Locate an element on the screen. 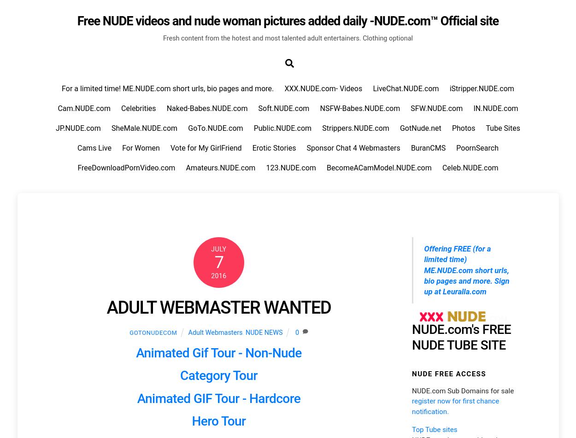 The height and width of the screenshot is (438, 576). 'Nicole Oring' is located at coordinates (431, 162).